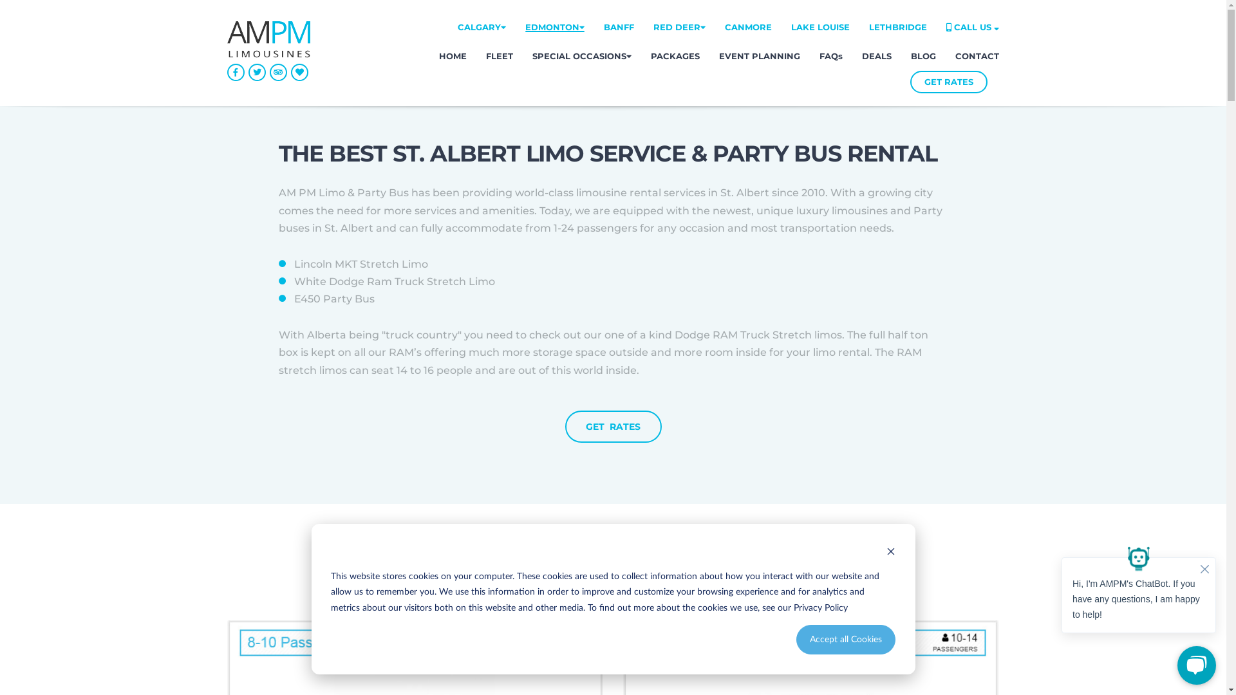 The image size is (1236, 695). I want to click on 'GET  RATES', so click(613, 427).